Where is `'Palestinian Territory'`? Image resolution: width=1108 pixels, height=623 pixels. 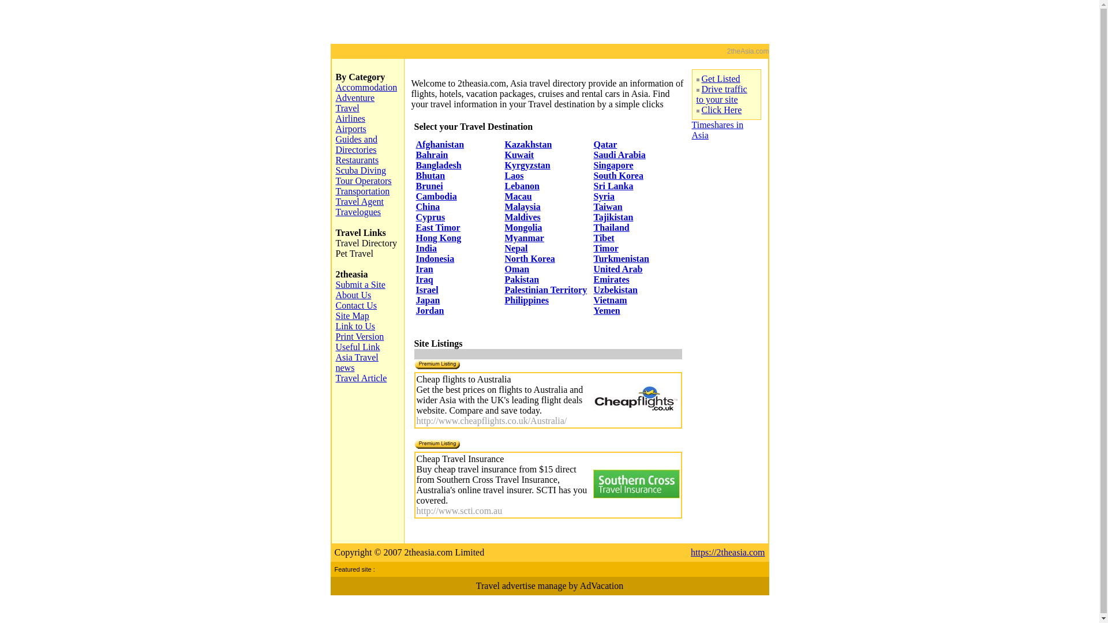 'Palestinian Territory' is located at coordinates (545, 289).